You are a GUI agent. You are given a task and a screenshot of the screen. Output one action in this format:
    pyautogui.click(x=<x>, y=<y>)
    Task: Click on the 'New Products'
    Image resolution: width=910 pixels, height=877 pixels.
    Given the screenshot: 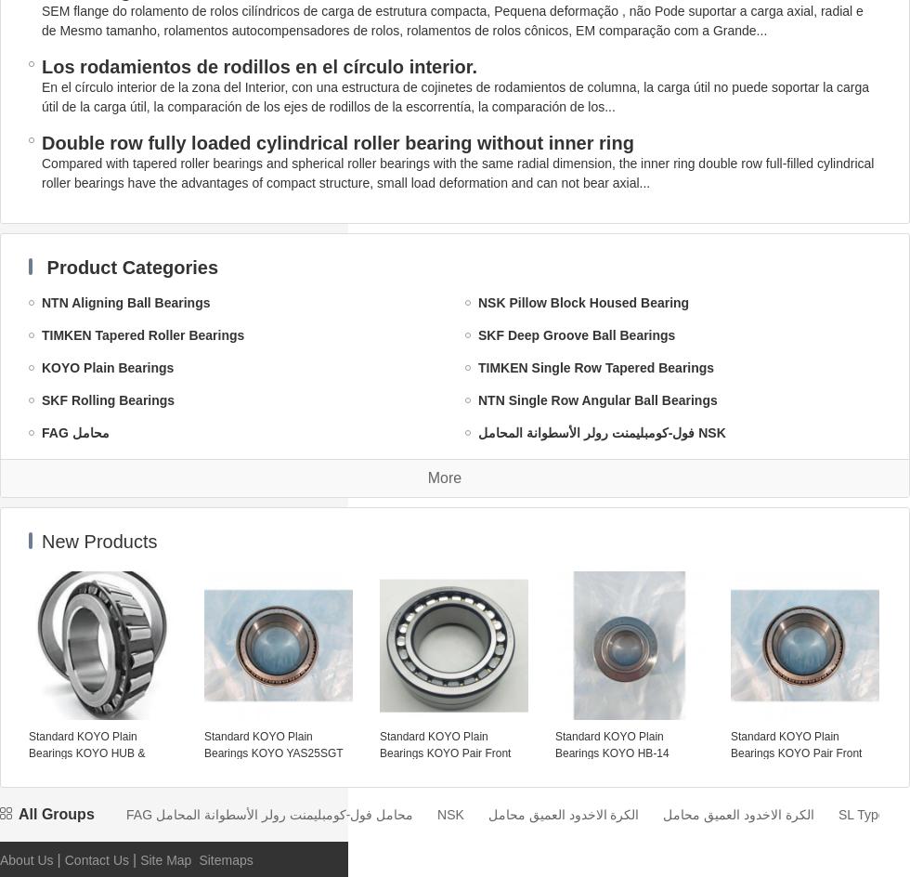 What is the action you would take?
    pyautogui.click(x=99, y=541)
    